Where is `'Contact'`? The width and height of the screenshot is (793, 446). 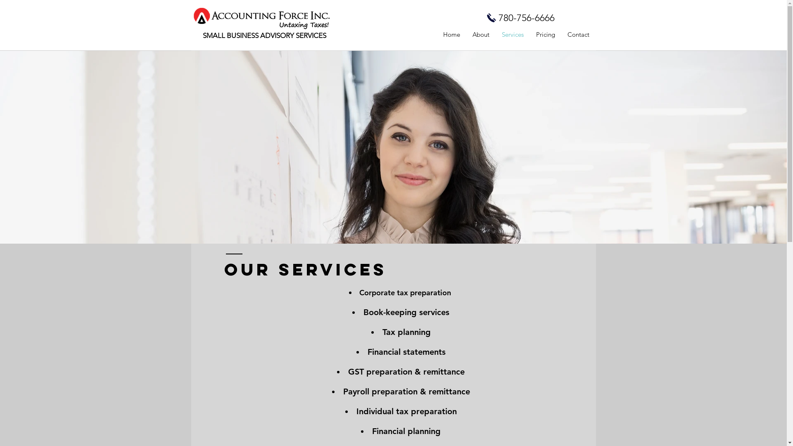
'Contact' is located at coordinates (577, 34).